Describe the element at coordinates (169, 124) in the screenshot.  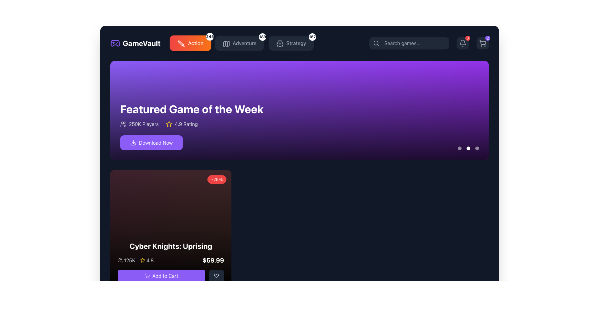
I see `the star-shaped rating icon with a yellow outline next to the '4.9 Rating' text, located under the 'Featured Game of the Week' header` at that location.